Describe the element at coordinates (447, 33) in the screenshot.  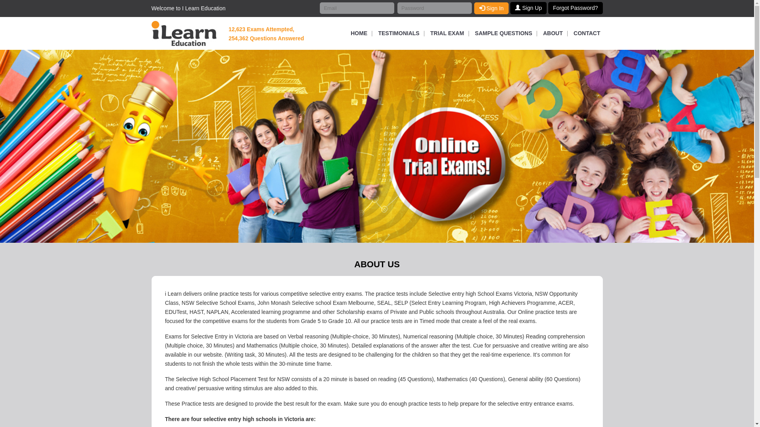
I see `'TRIAL EXAM'` at that location.